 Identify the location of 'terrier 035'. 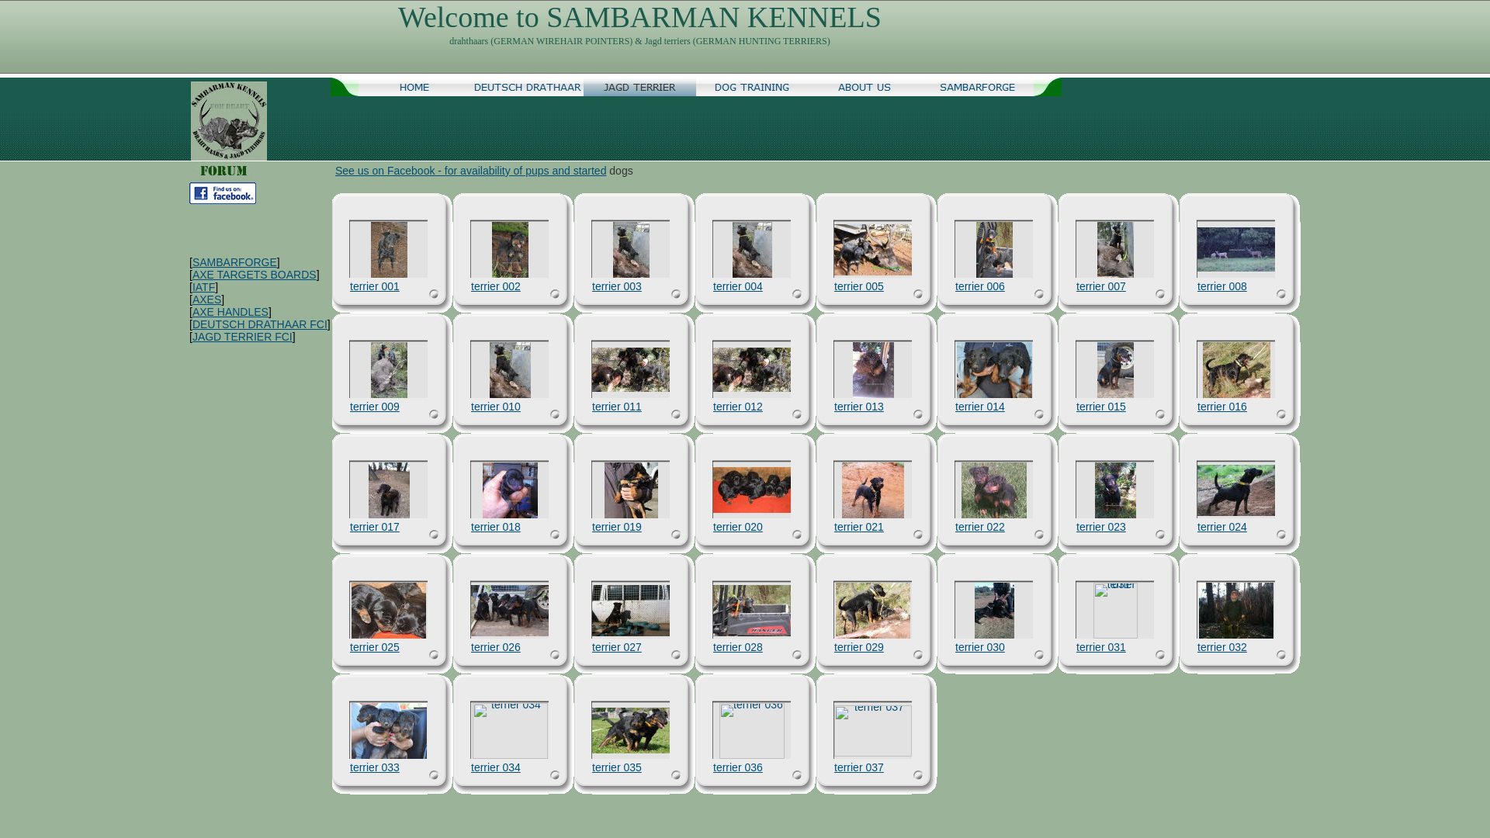
(591, 766).